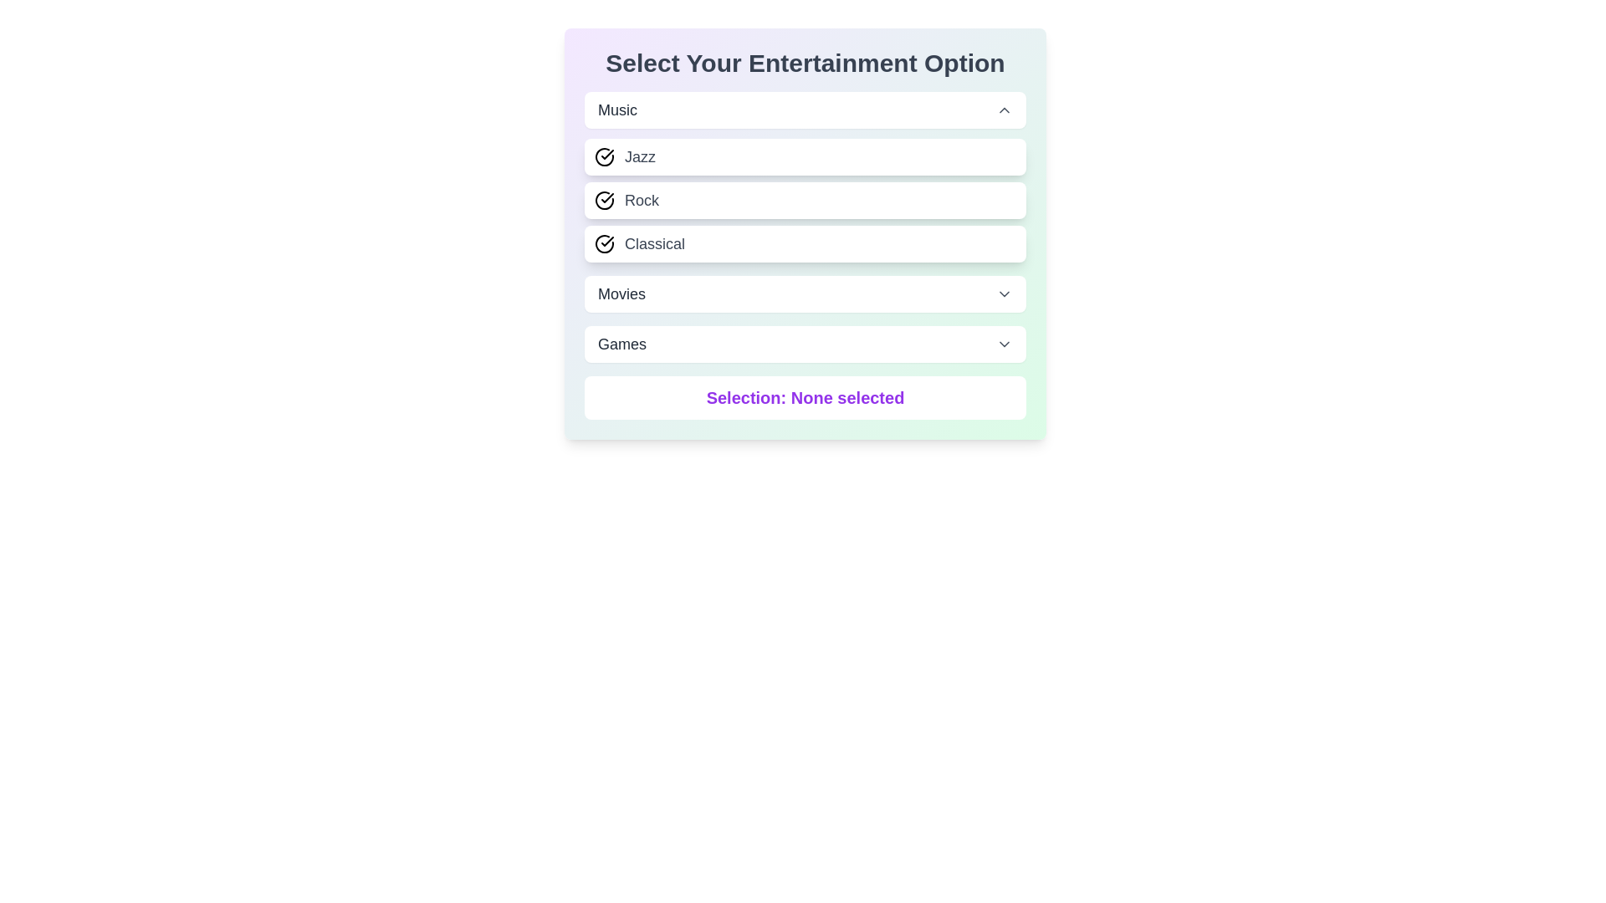 This screenshot has width=1606, height=903. Describe the element at coordinates (653, 244) in the screenshot. I see `the text label 'Classical', which represents a music genre option in the selection menu` at that location.